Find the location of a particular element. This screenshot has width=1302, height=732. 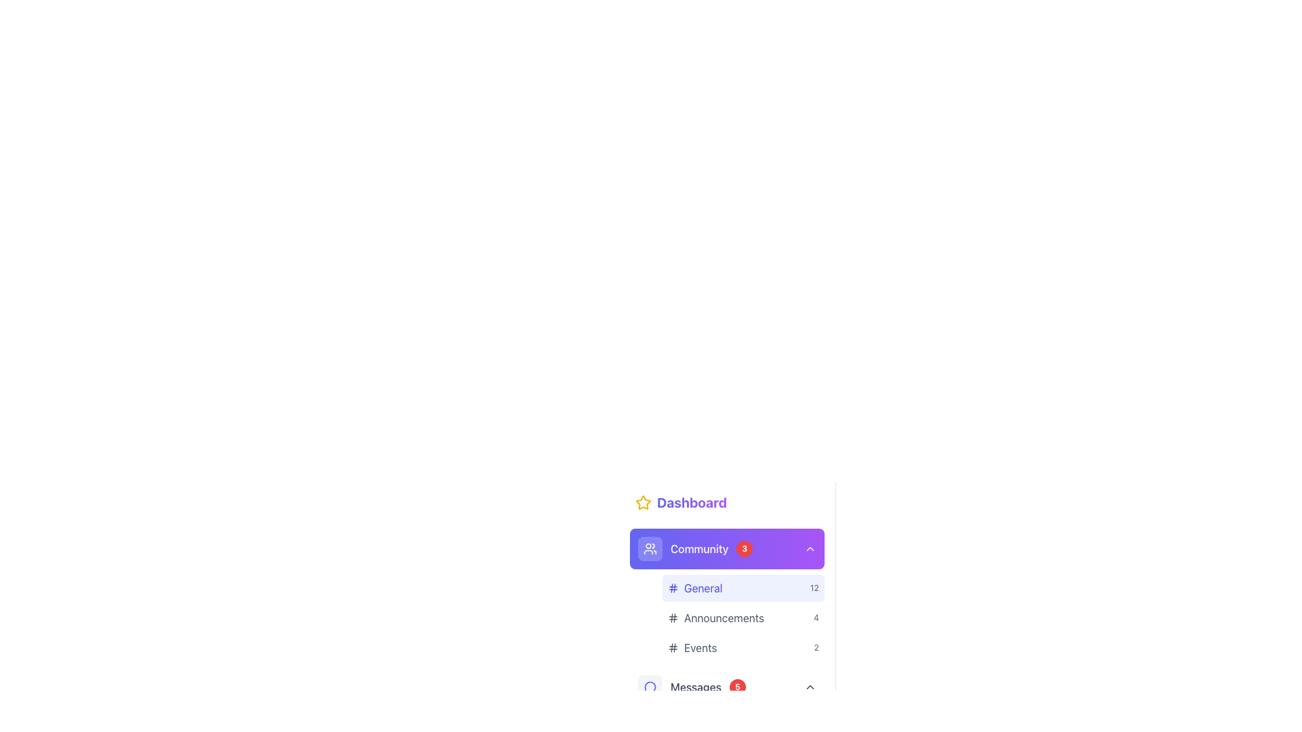

the hashtag icon located to the left of the text in the 'Announcements' section is located at coordinates (673, 617).